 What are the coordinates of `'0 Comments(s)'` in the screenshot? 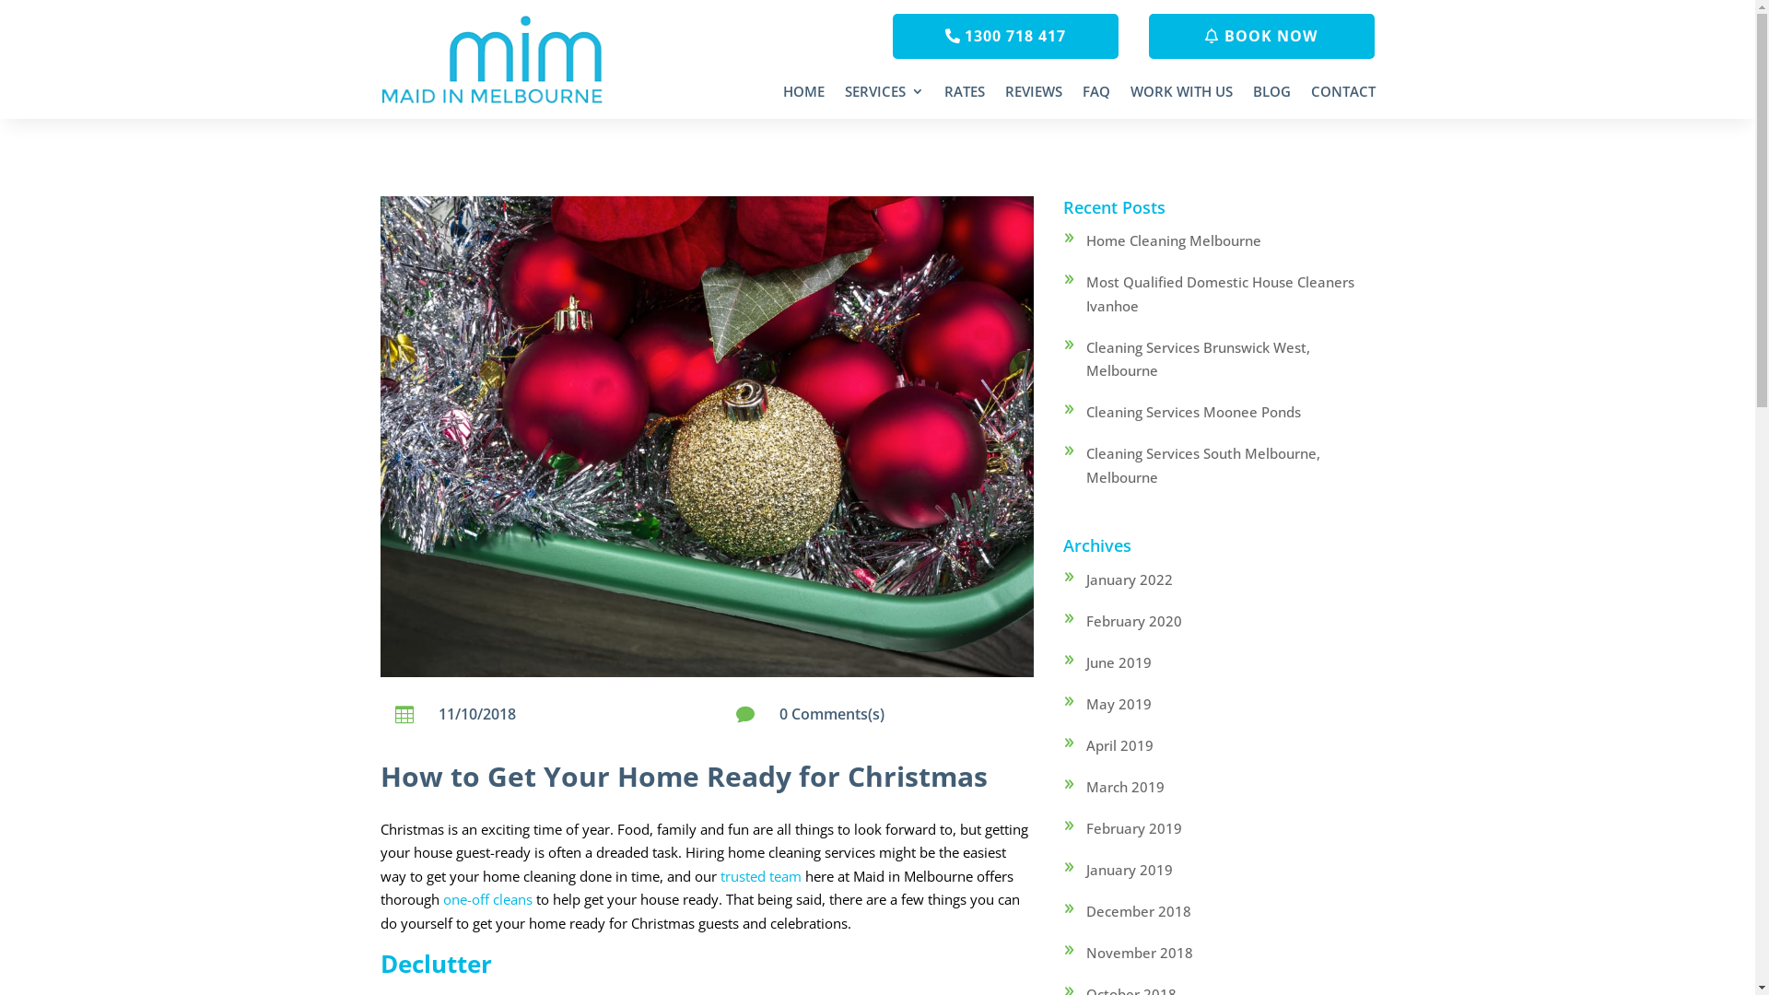 It's located at (830, 713).